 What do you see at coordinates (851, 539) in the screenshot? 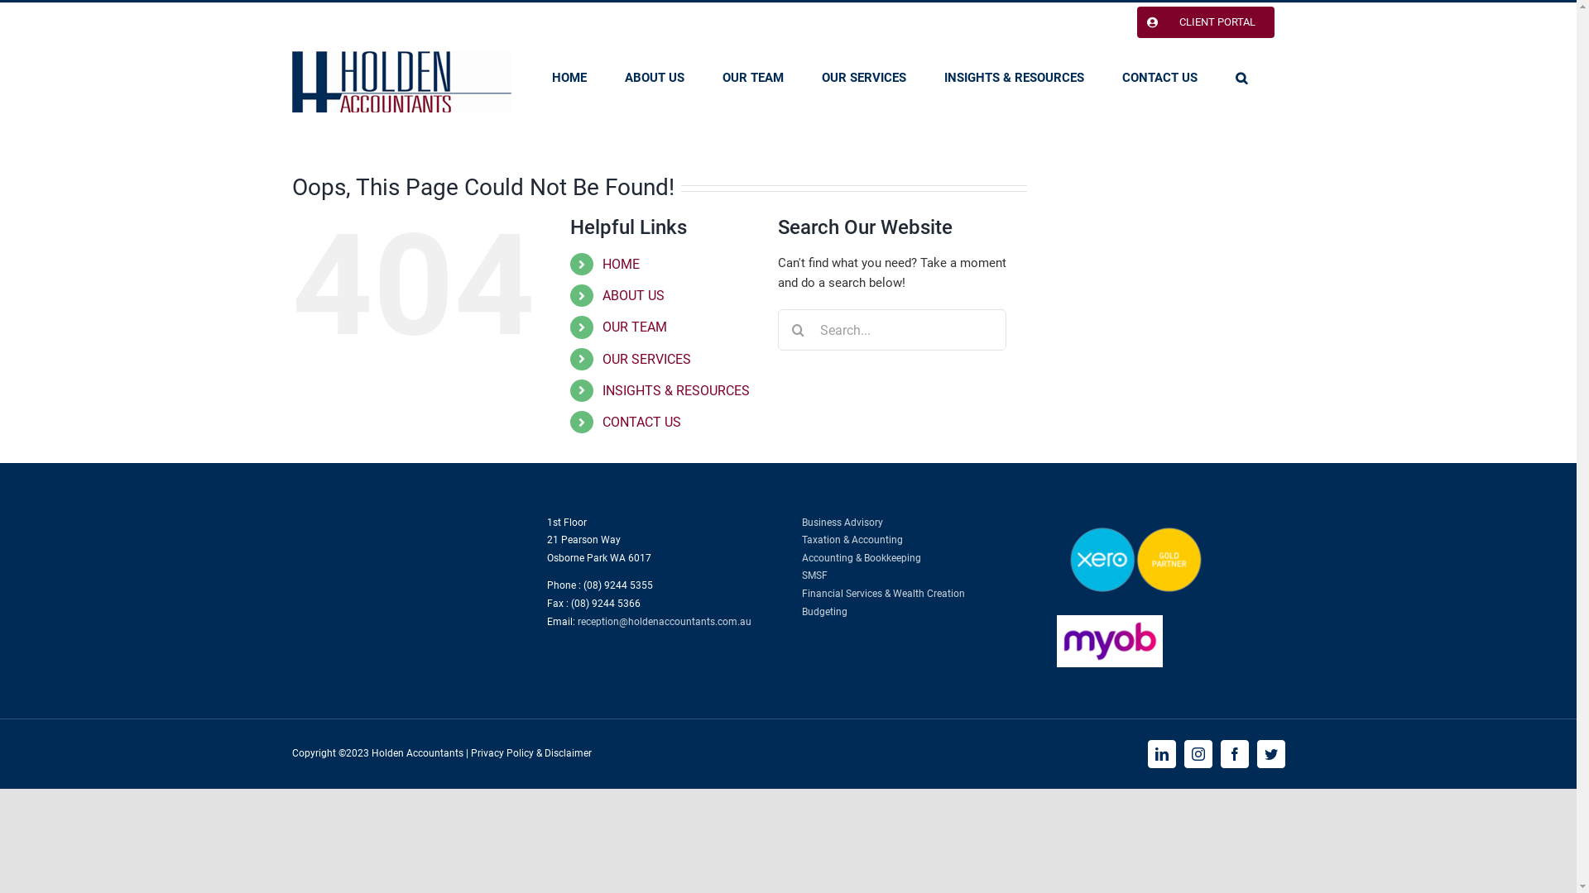
I see `'Taxation & Accounting'` at bounding box center [851, 539].